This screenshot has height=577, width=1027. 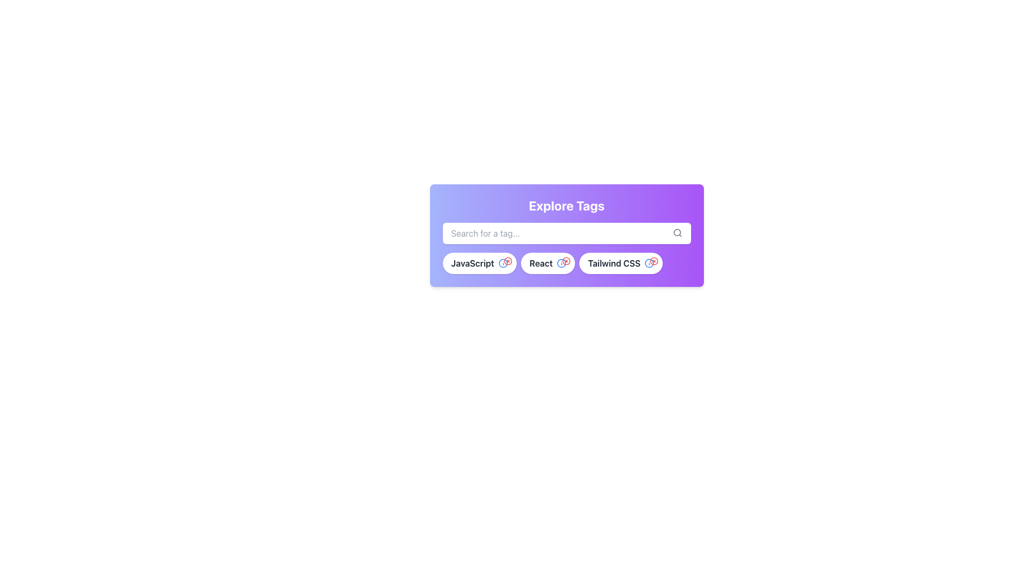 I want to click on the circular outline that is part of the small icon with a cross mark, located within the 'JavaScript' button in the 'Explore Tags' section, so click(x=508, y=261).